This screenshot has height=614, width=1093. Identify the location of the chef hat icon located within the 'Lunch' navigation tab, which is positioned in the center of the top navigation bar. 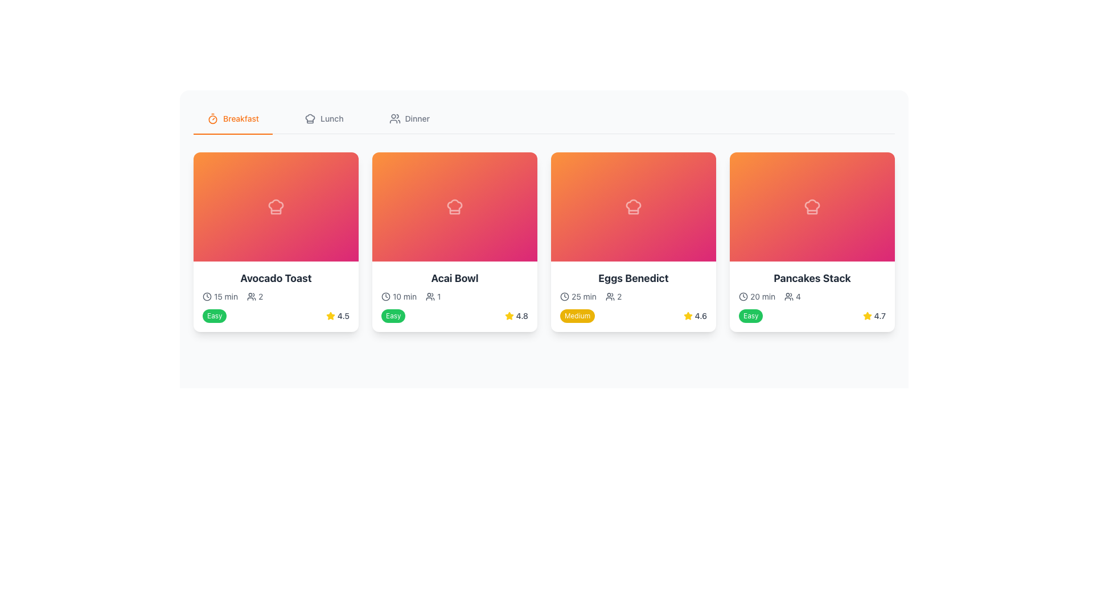
(310, 118).